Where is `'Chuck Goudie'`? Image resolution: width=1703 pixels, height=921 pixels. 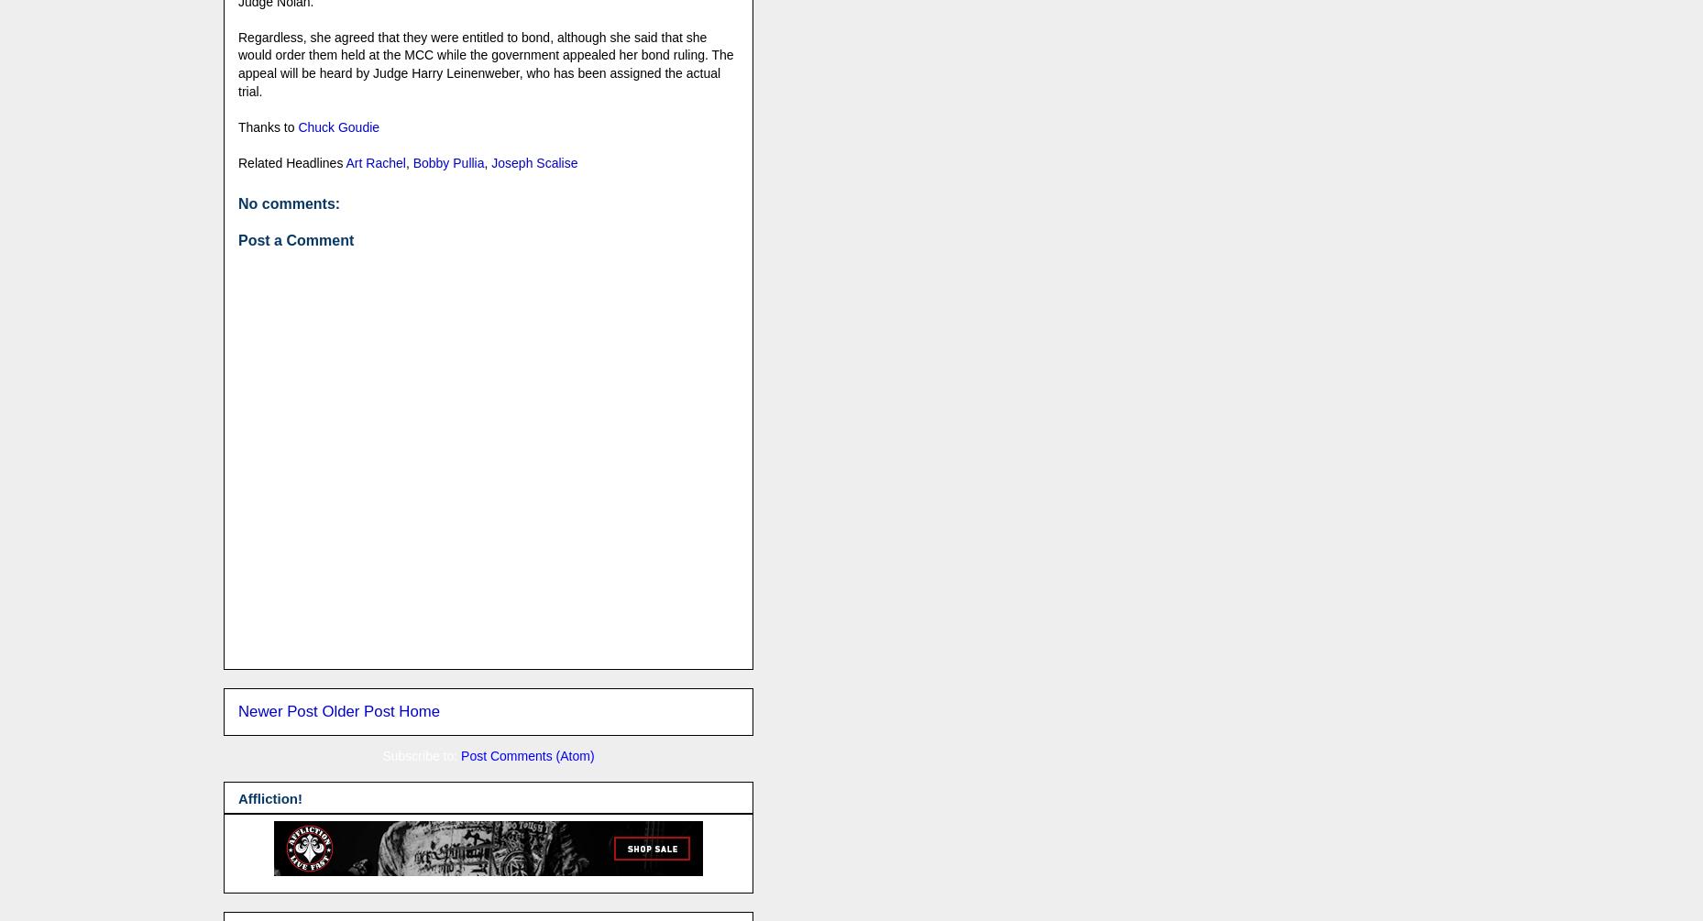 'Chuck Goudie' is located at coordinates (338, 126).